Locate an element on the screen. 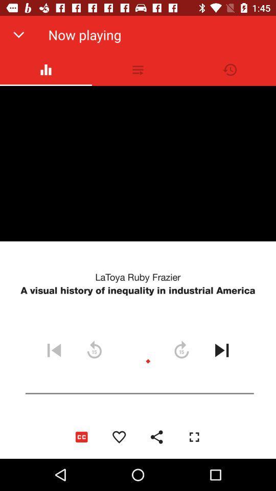 Image resolution: width=276 pixels, height=491 pixels. the refresh icon is located at coordinates (94, 350).